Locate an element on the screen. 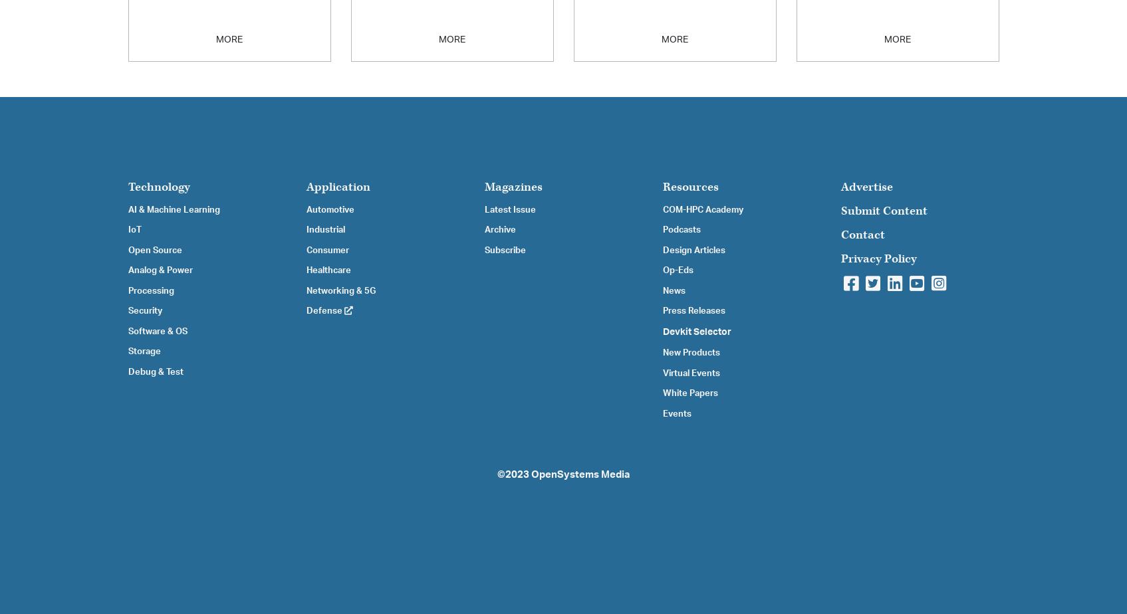  'Virtual Events' is located at coordinates (690, 372).